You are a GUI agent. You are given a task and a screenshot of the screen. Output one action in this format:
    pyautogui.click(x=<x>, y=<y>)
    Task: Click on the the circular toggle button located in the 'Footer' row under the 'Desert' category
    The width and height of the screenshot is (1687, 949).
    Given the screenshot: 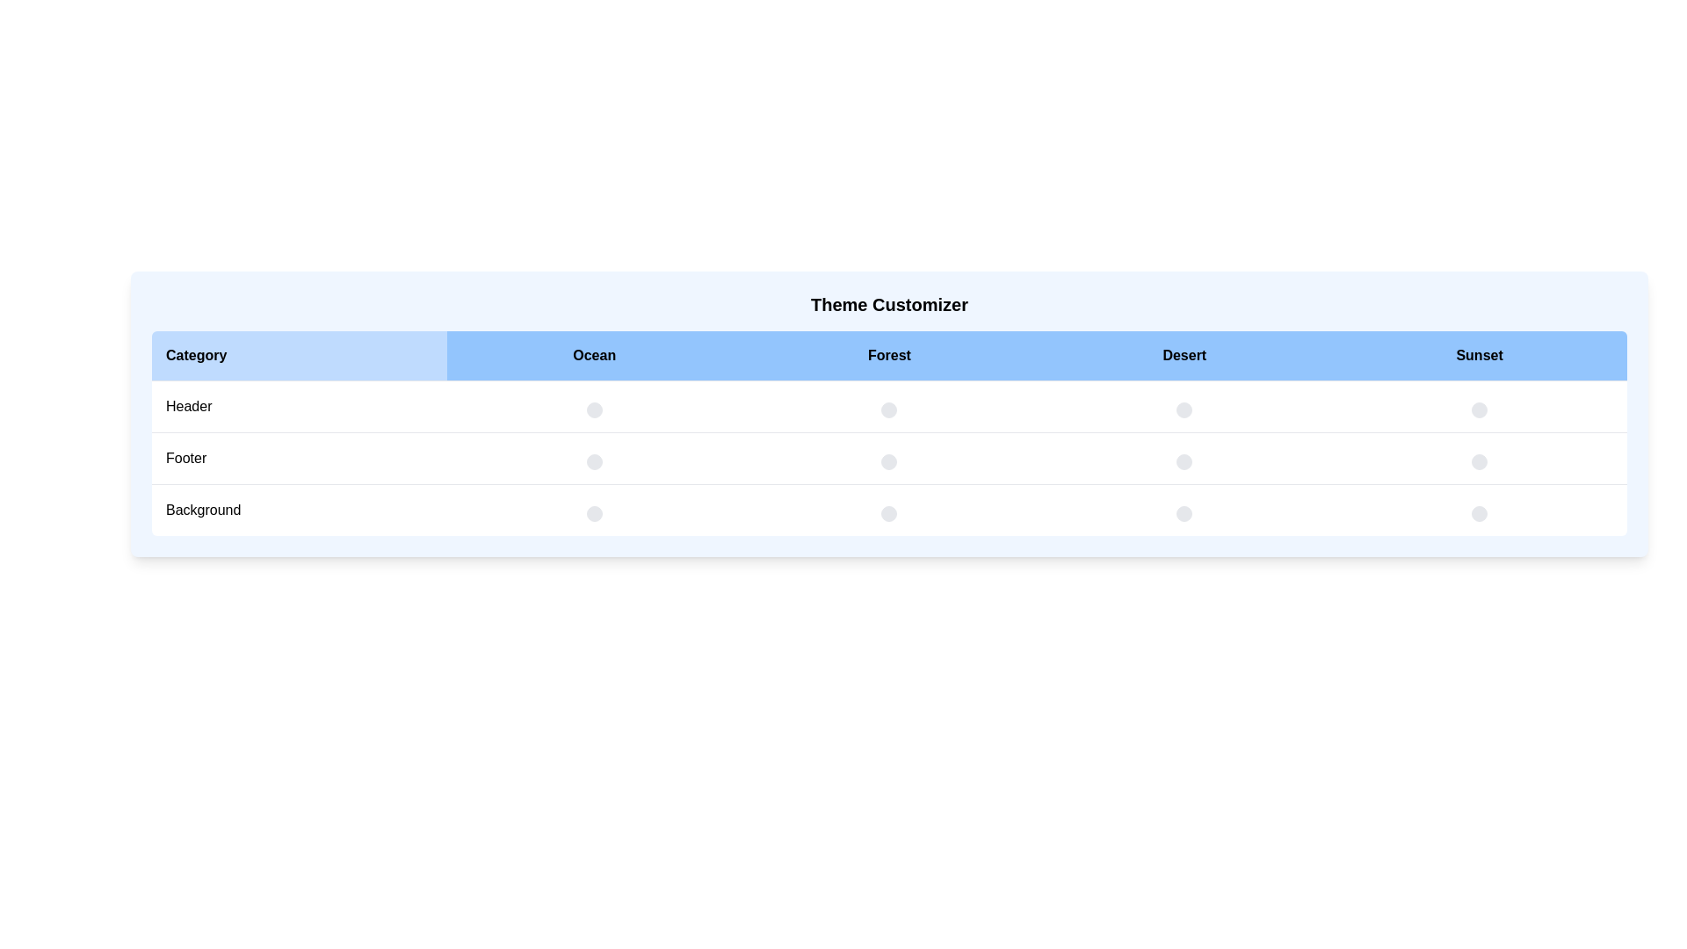 What is the action you would take?
    pyautogui.click(x=1184, y=457)
    